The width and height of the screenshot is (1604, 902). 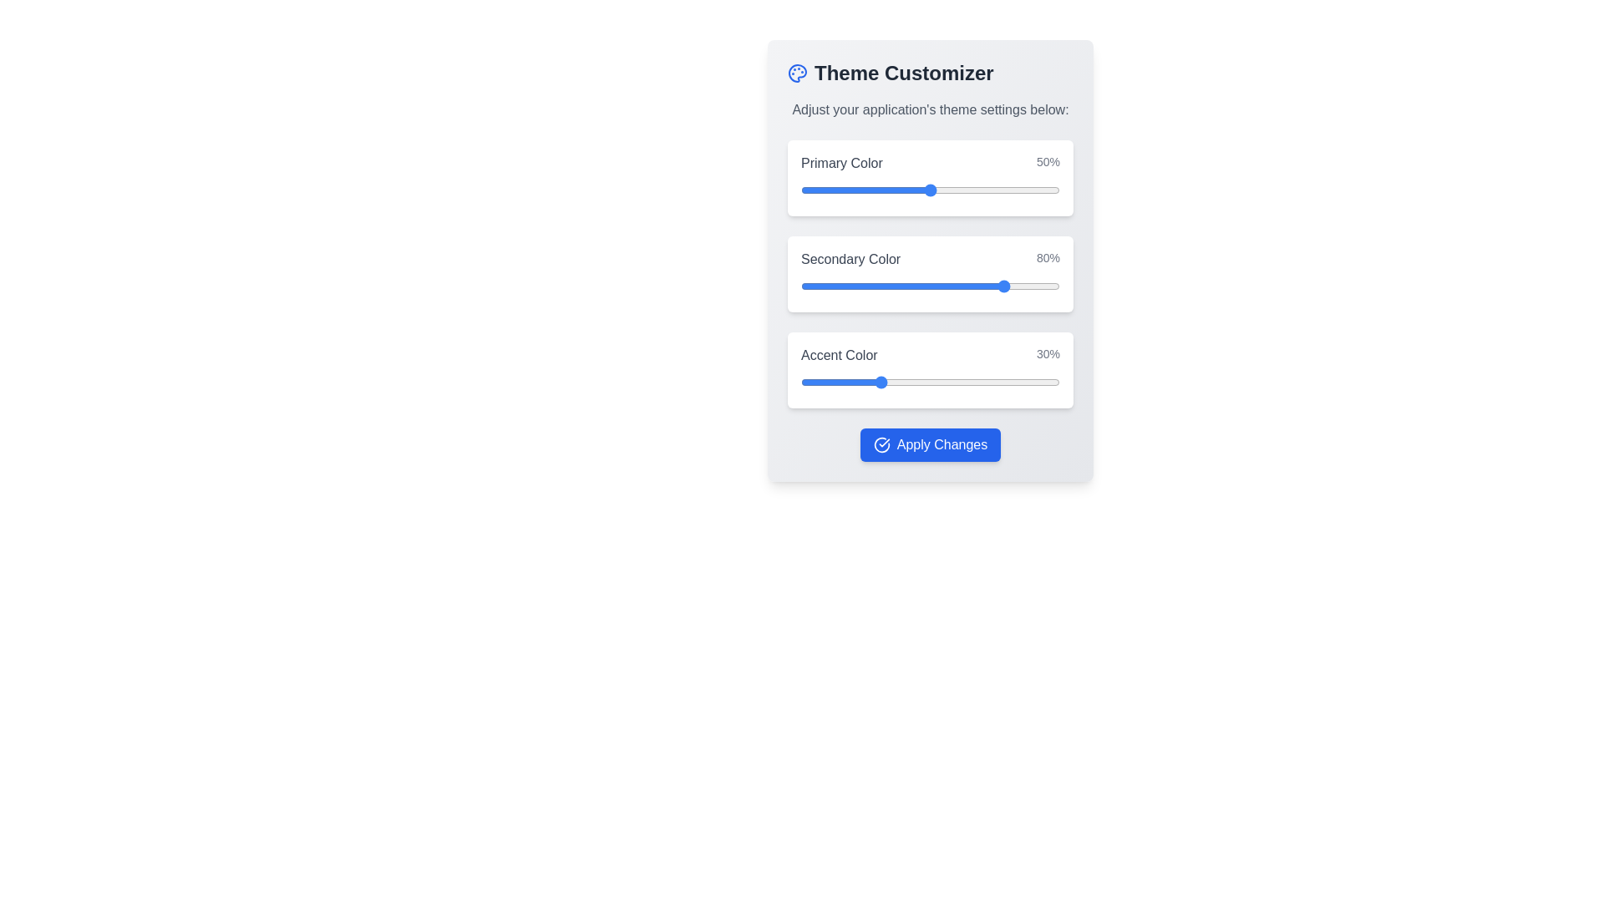 What do you see at coordinates (841, 164) in the screenshot?
I see `the text label displaying 'Primary Color', which is styled in gray font and located at the top of the theme customization panel` at bounding box center [841, 164].